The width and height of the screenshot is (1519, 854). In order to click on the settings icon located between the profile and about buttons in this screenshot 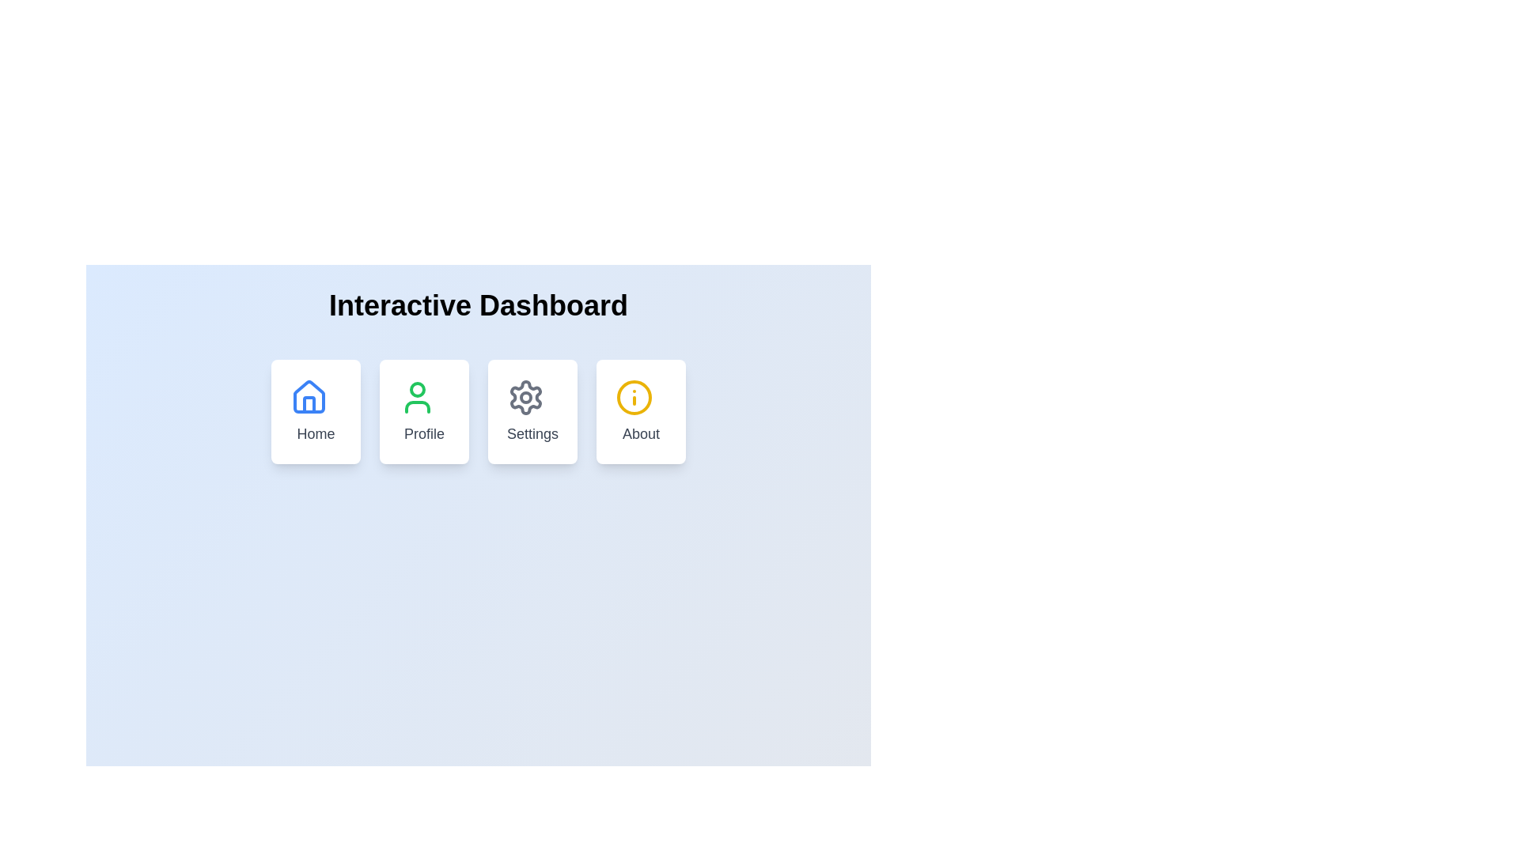, I will do `click(526, 396)`.